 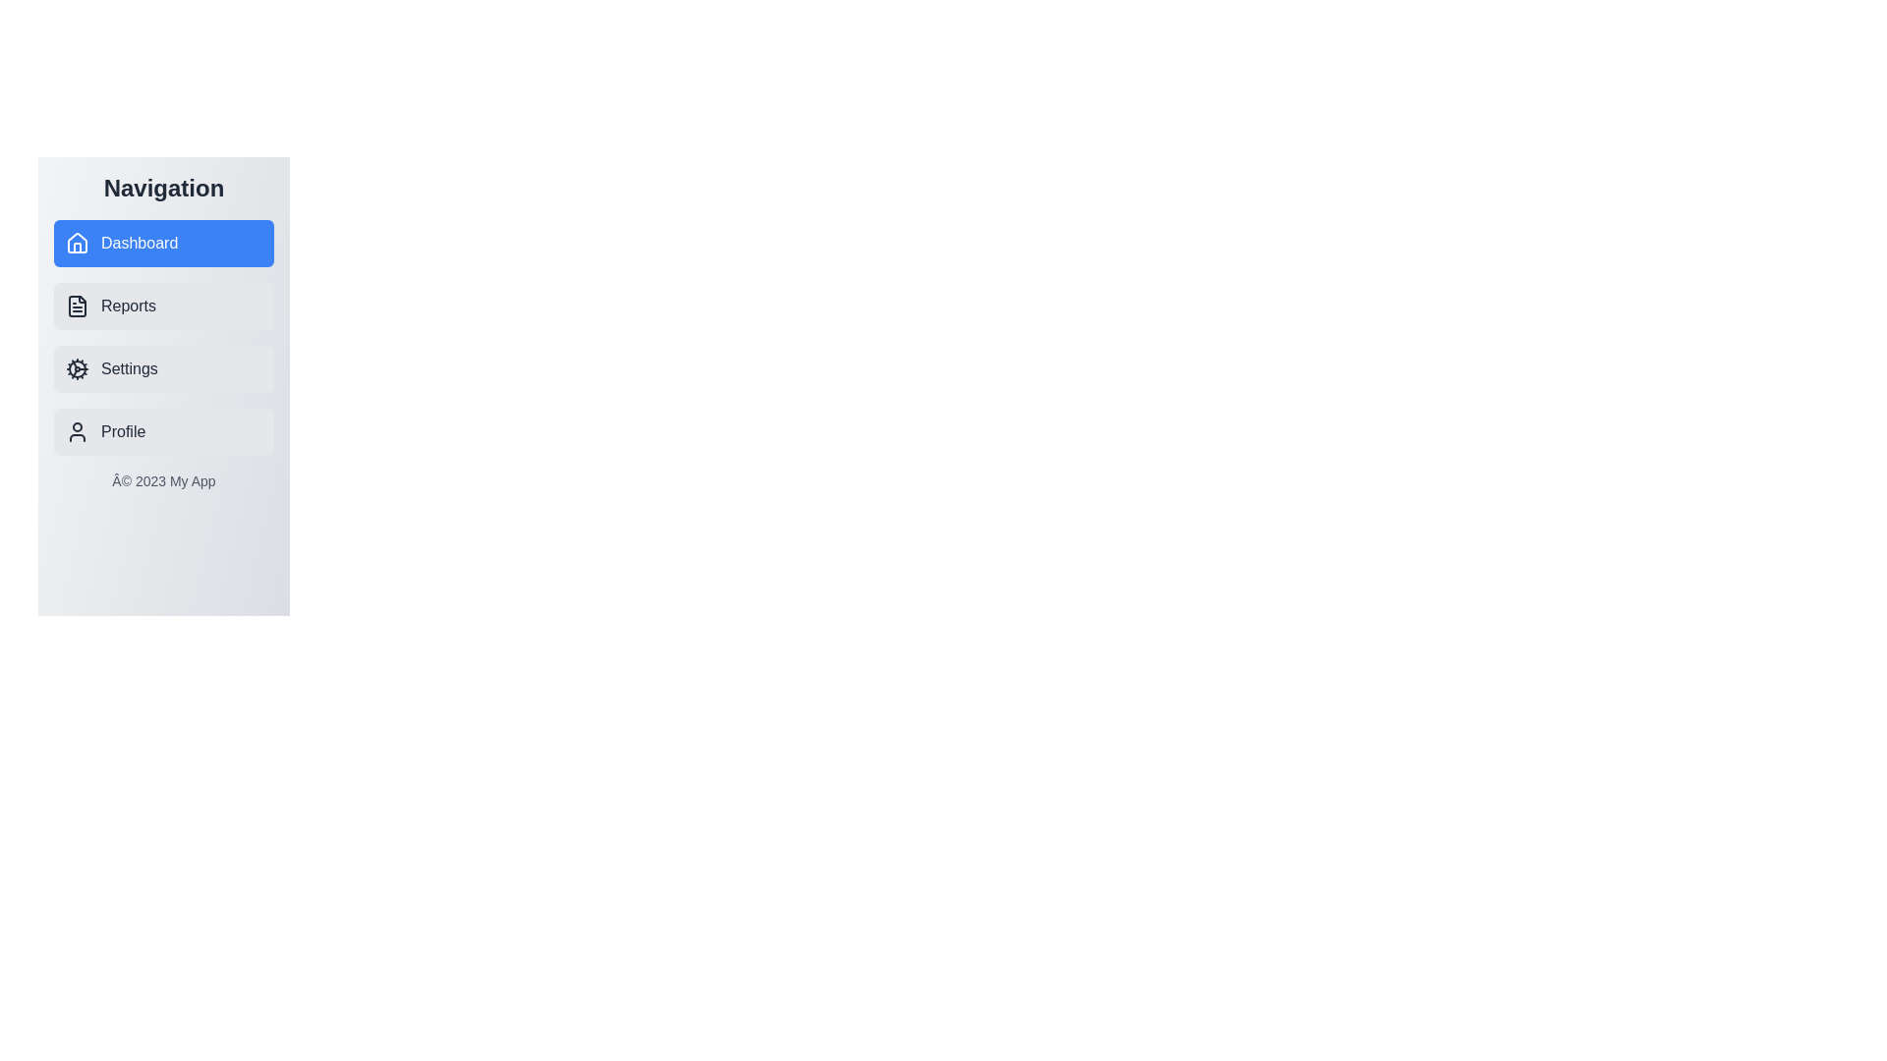 What do you see at coordinates (122, 430) in the screenshot?
I see `the 'Profile' text label in the navigation menu, which is the fourth item in the vertical list under the heading 'Navigation.'` at bounding box center [122, 430].